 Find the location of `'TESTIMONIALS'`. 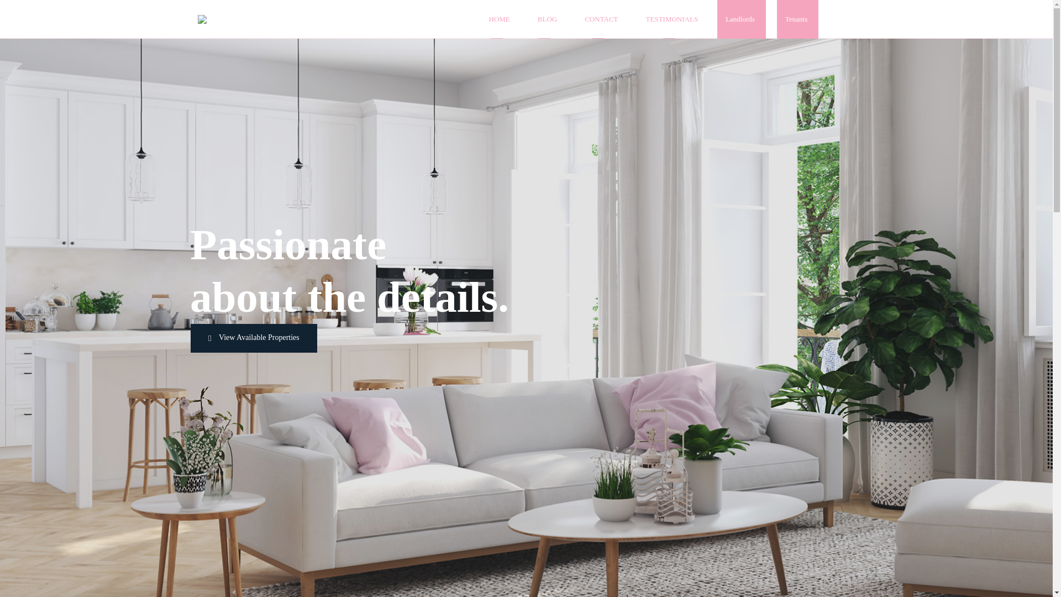

'TESTIMONIALS' is located at coordinates (671, 19).